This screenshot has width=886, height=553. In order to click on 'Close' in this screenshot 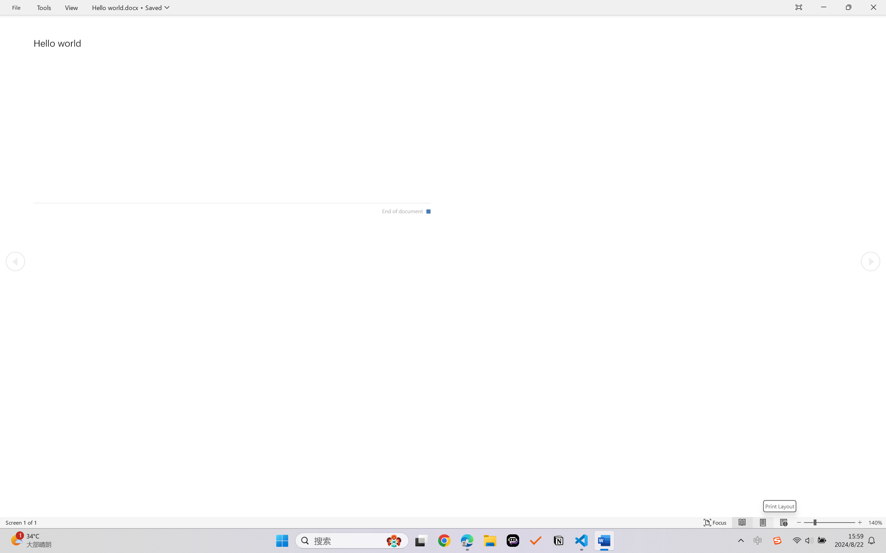, I will do `click(873, 7)`.